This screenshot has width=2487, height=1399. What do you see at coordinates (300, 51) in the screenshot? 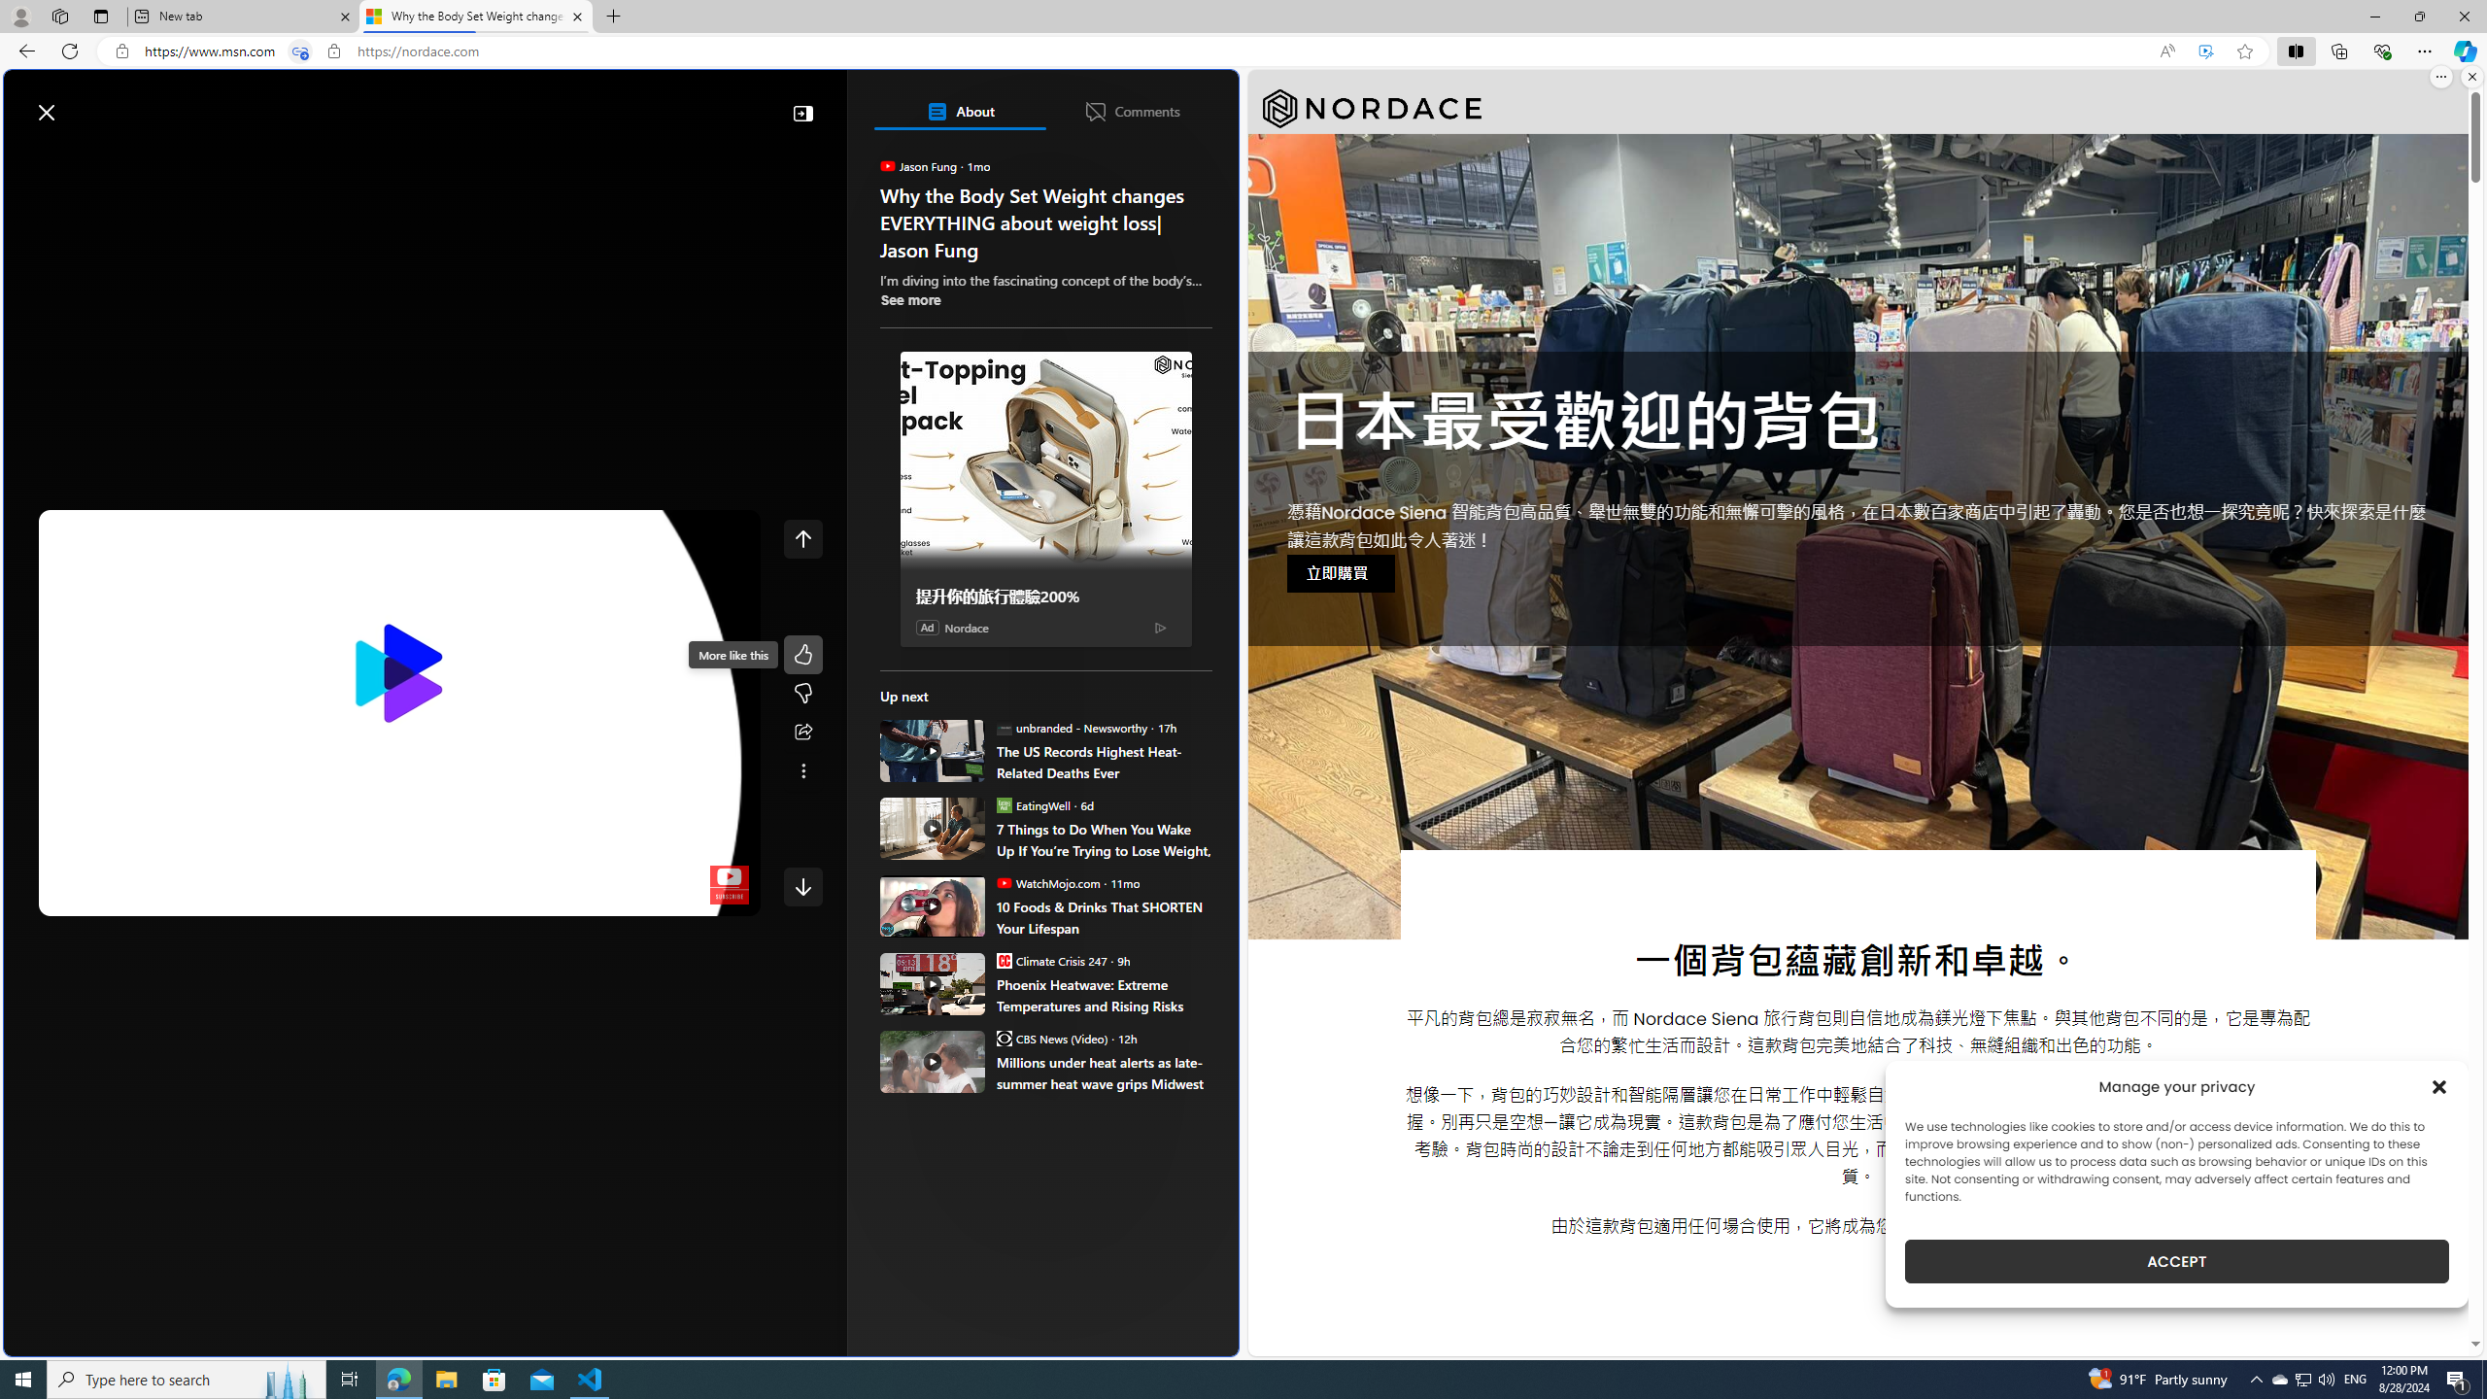
I see `'Tabs in split screen'` at bounding box center [300, 51].